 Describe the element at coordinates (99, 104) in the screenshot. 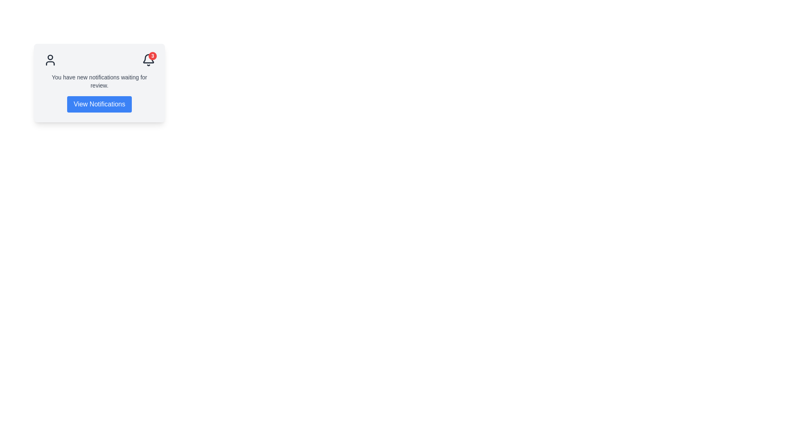

I see `the notifications button located directly below the text 'You have new notifications waiting for review.'` at that location.